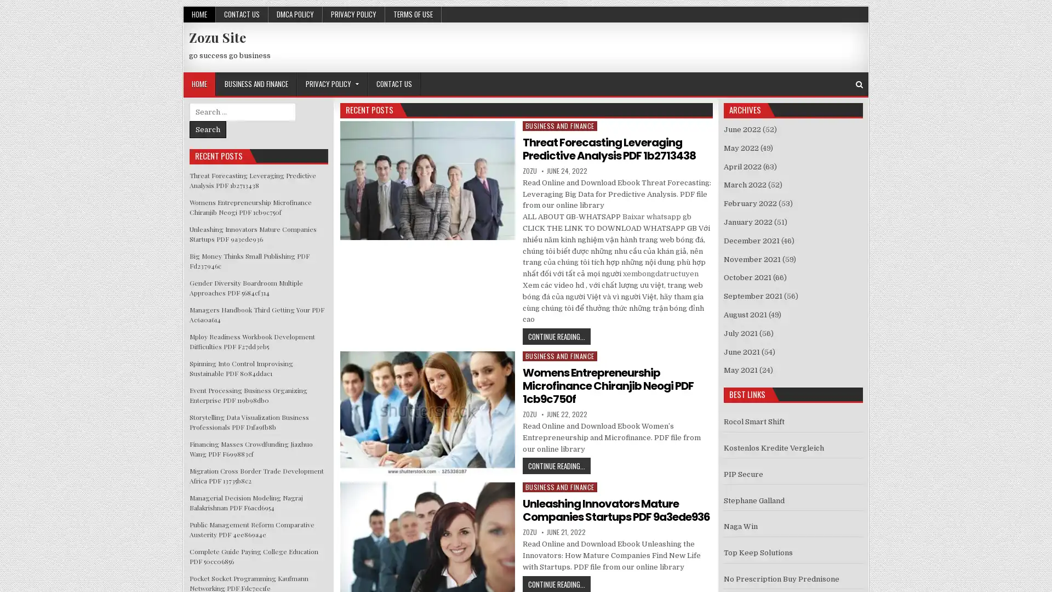 The width and height of the screenshot is (1052, 592). I want to click on Search, so click(207, 129).